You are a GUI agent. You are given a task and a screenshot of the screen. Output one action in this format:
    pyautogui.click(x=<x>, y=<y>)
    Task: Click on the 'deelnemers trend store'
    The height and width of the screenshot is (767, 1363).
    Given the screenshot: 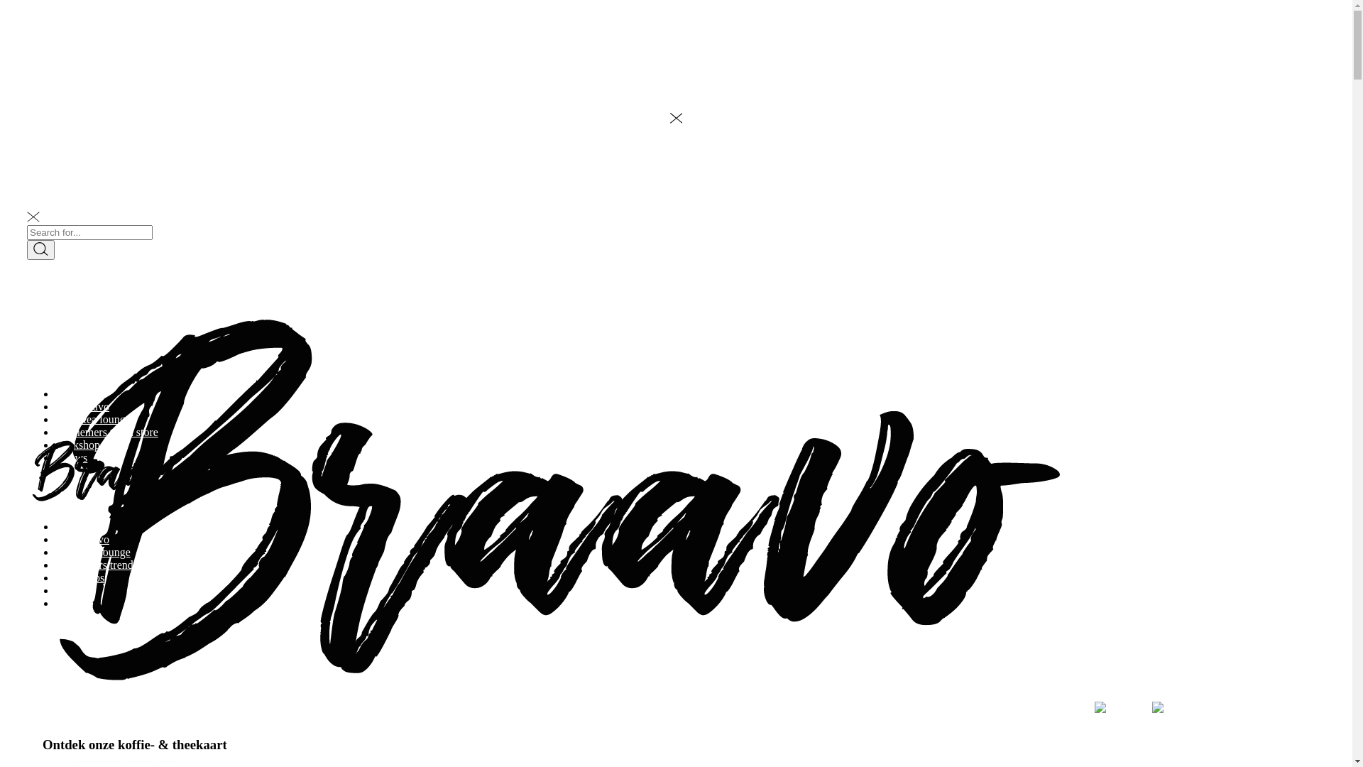 What is the action you would take?
    pyautogui.click(x=106, y=431)
    